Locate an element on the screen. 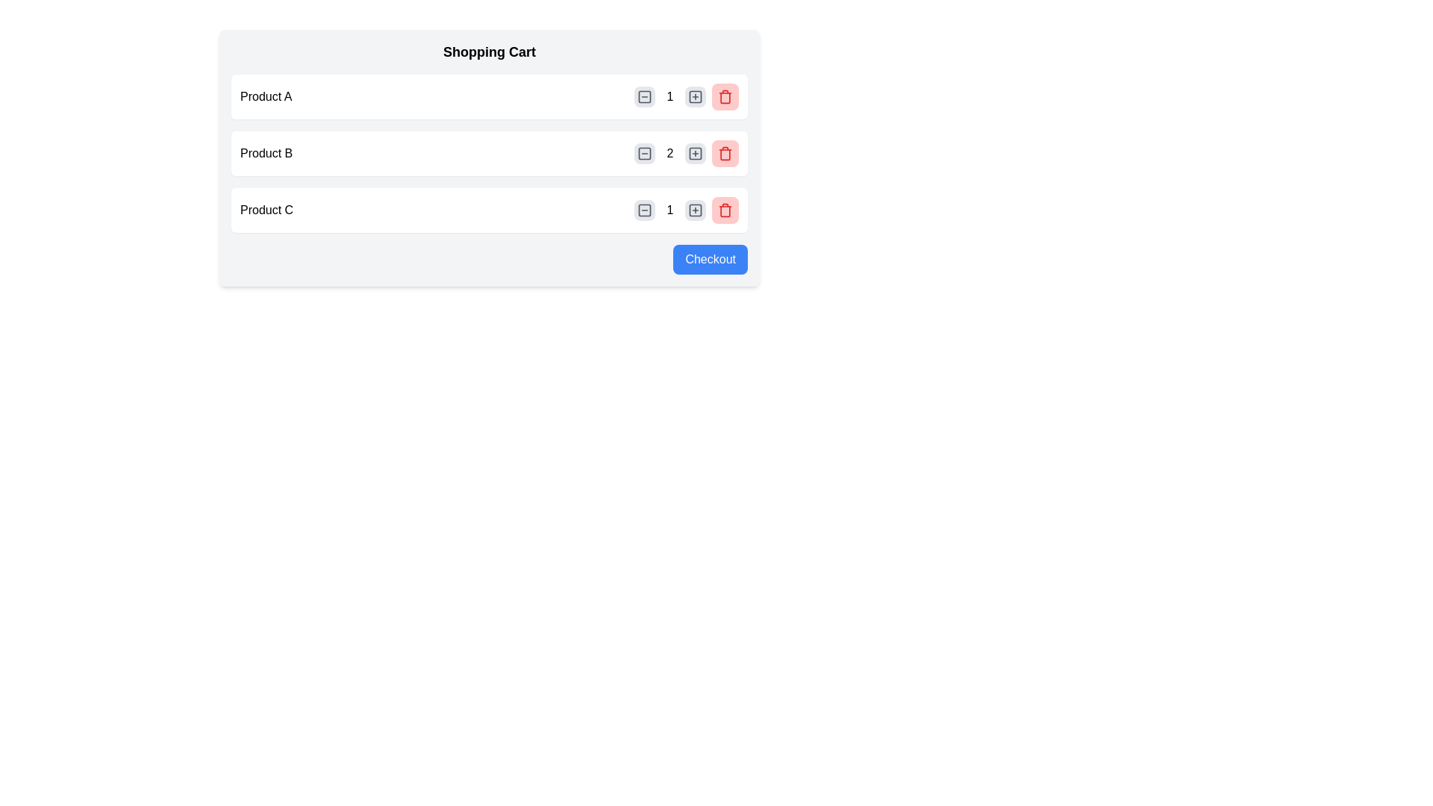  the decrement button for 'Product B', which is a gray square with rounded corners and a minus sign inside is located at coordinates (645, 153).